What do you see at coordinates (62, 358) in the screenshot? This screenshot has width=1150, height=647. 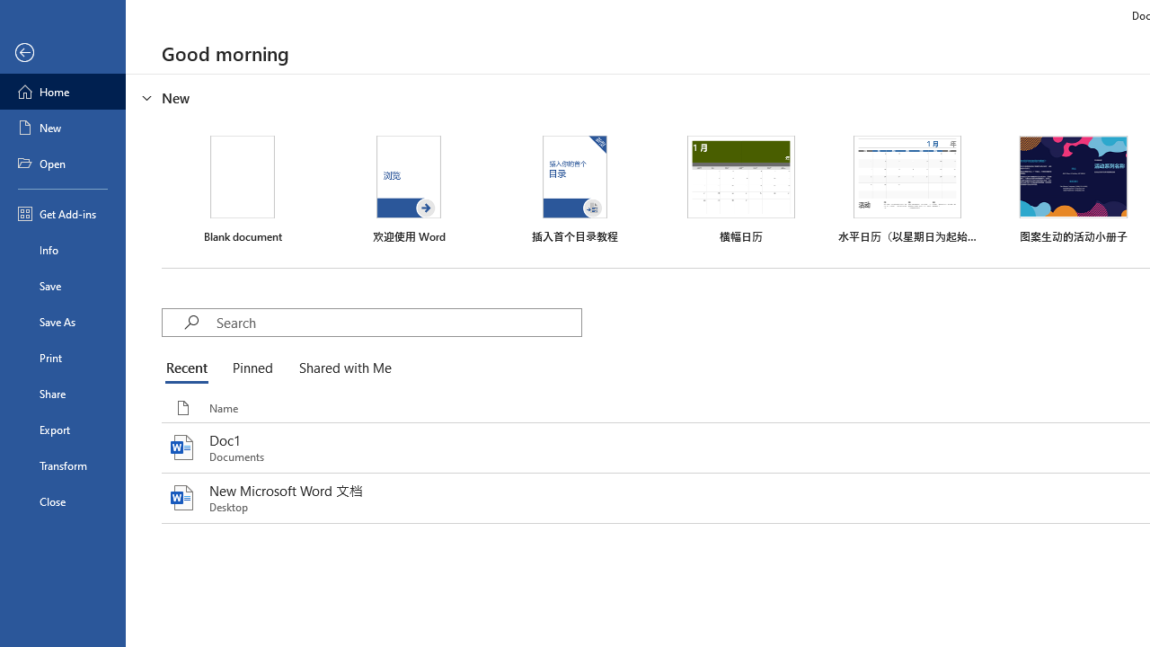 I see `'Print'` at bounding box center [62, 358].